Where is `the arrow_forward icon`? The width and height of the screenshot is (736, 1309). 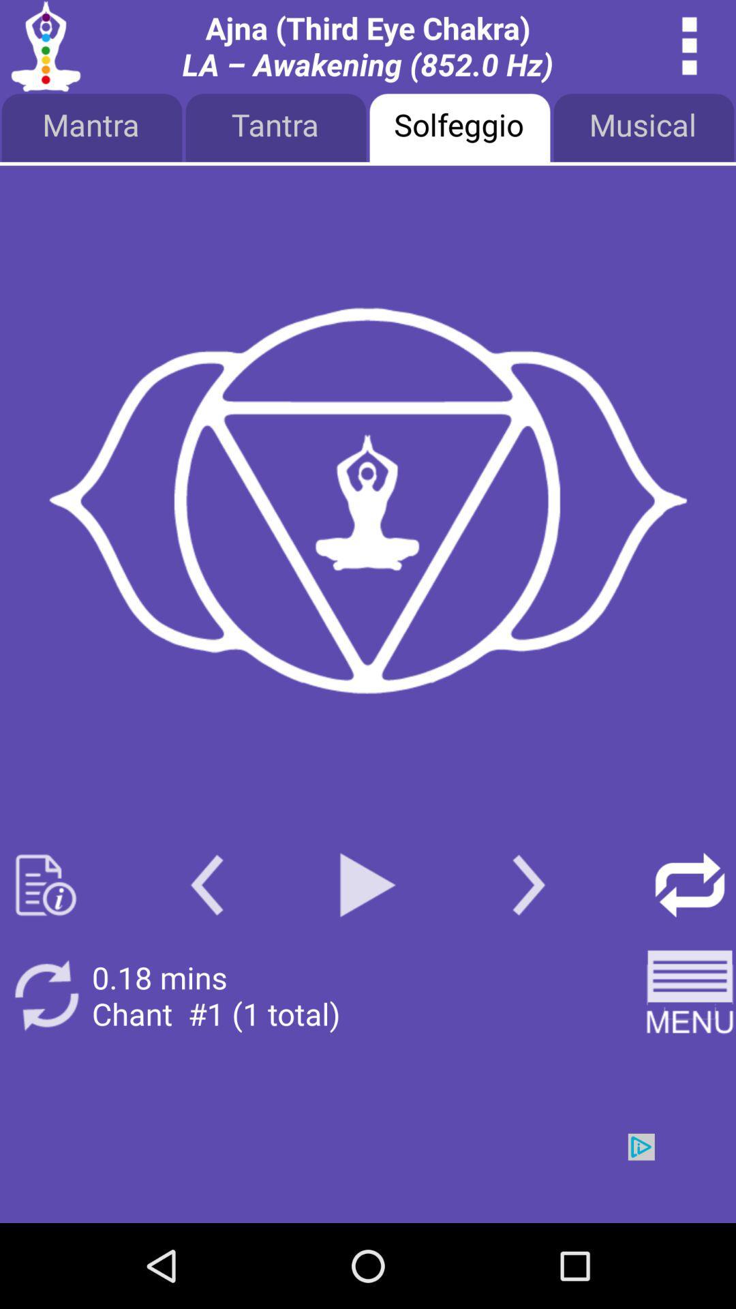
the arrow_forward icon is located at coordinates (528, 946).